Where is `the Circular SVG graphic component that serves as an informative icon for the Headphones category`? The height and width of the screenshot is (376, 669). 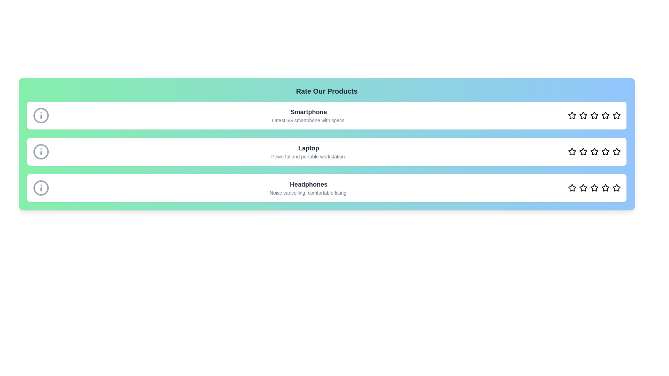 the Circular SVG graphic component that serves as an informative icon for the Headphones category is located at coordinates (41, 188).